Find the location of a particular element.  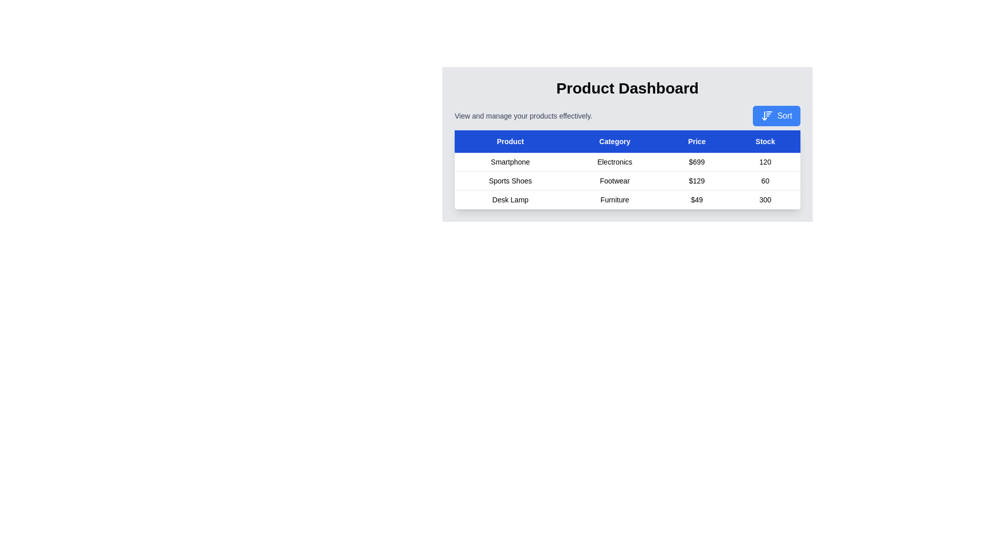

the Stock table header to sort the table by that column is located at coordinates (765, 142).